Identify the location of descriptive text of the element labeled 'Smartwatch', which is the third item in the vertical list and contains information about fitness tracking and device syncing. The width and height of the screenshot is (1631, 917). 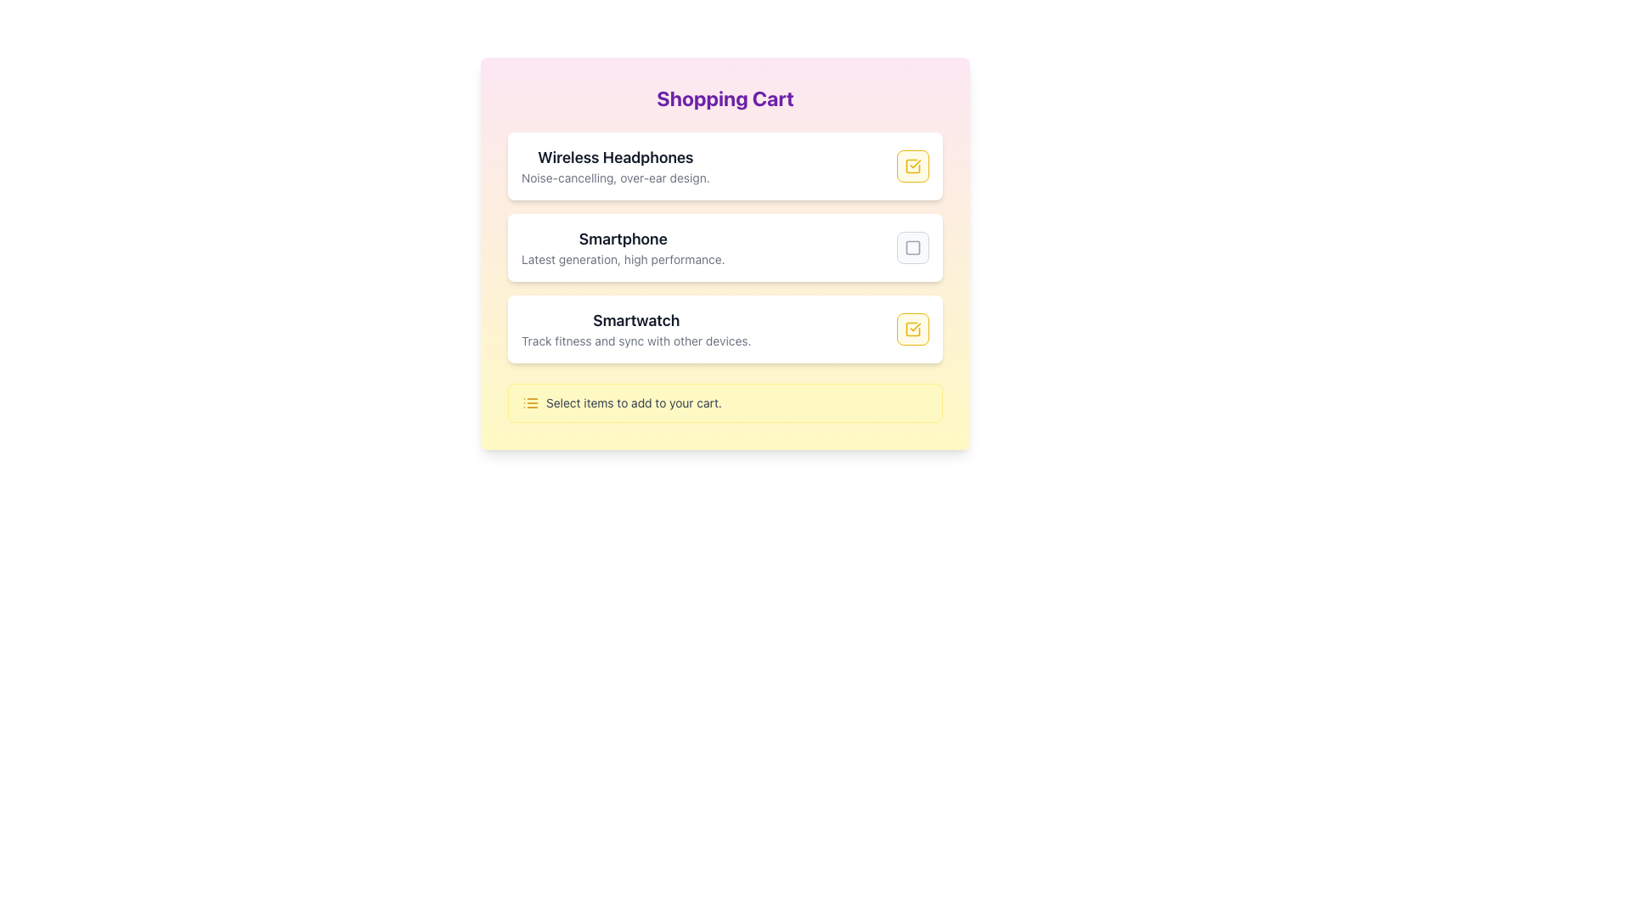
(635, 329).